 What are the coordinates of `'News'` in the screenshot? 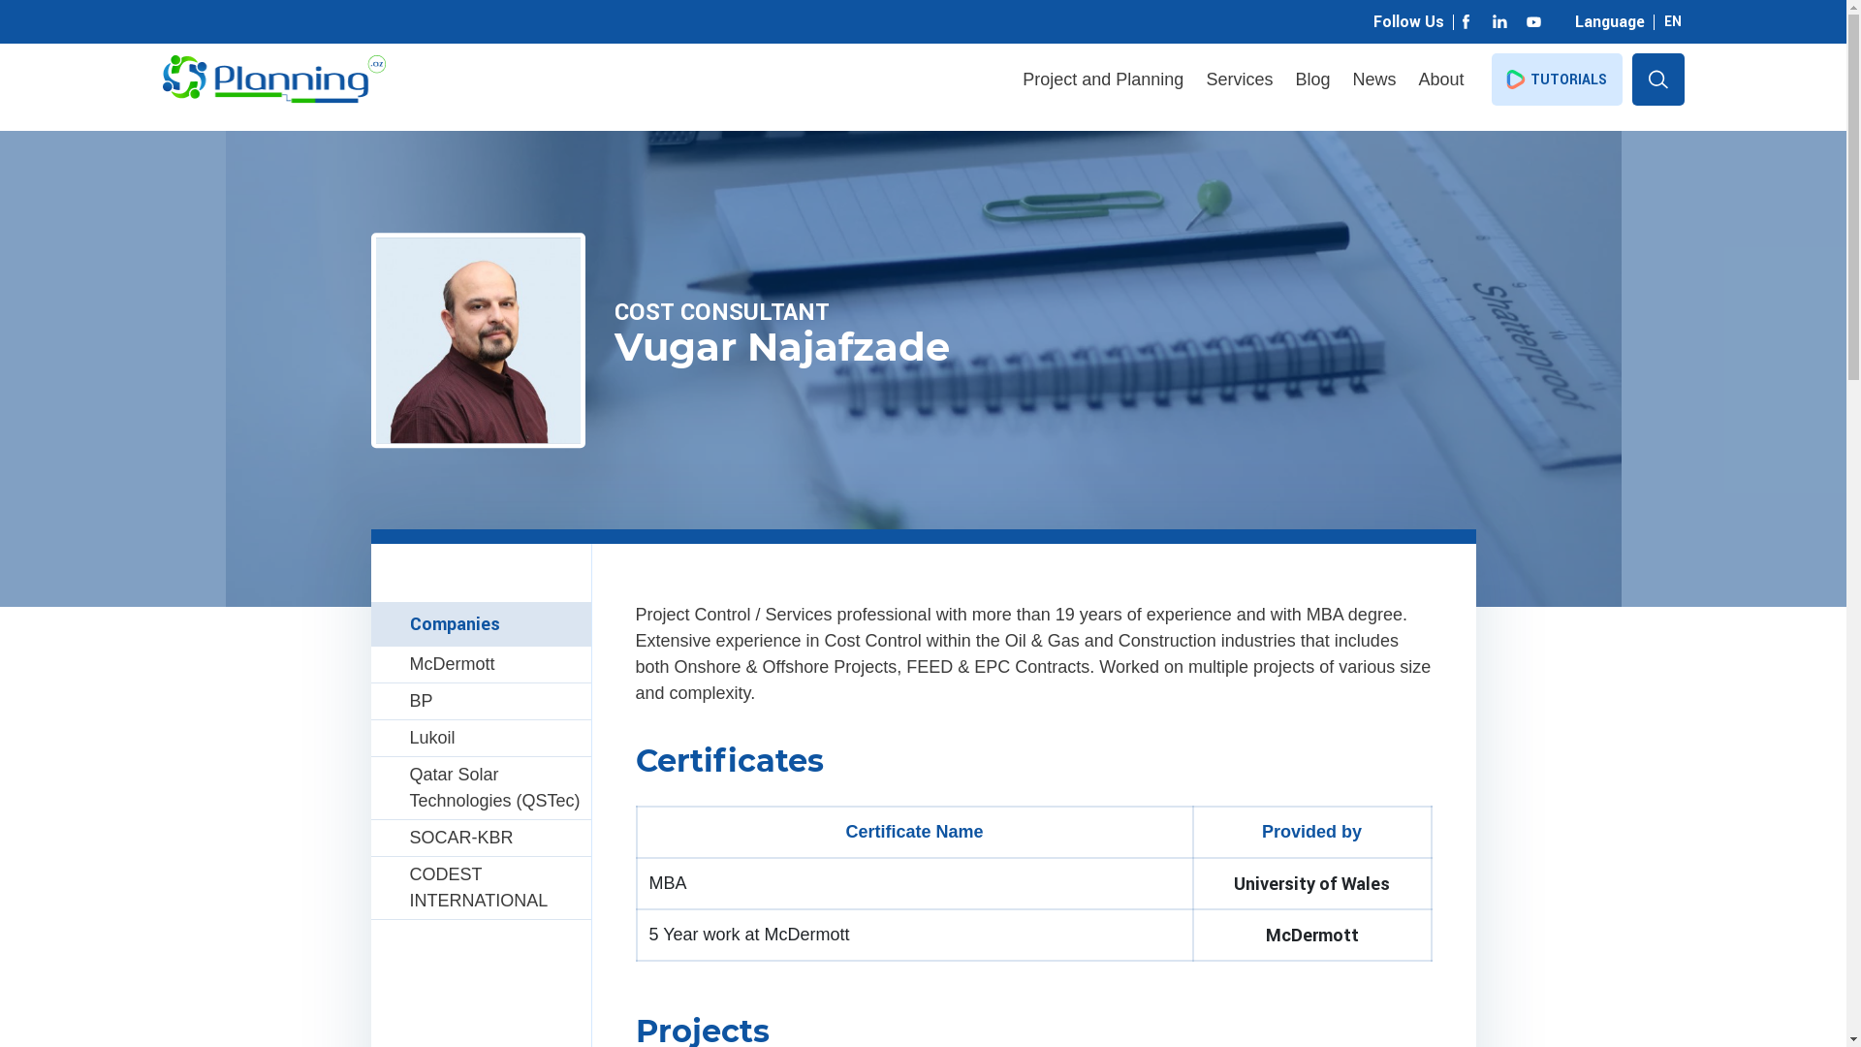 It's located at (1372, 79).